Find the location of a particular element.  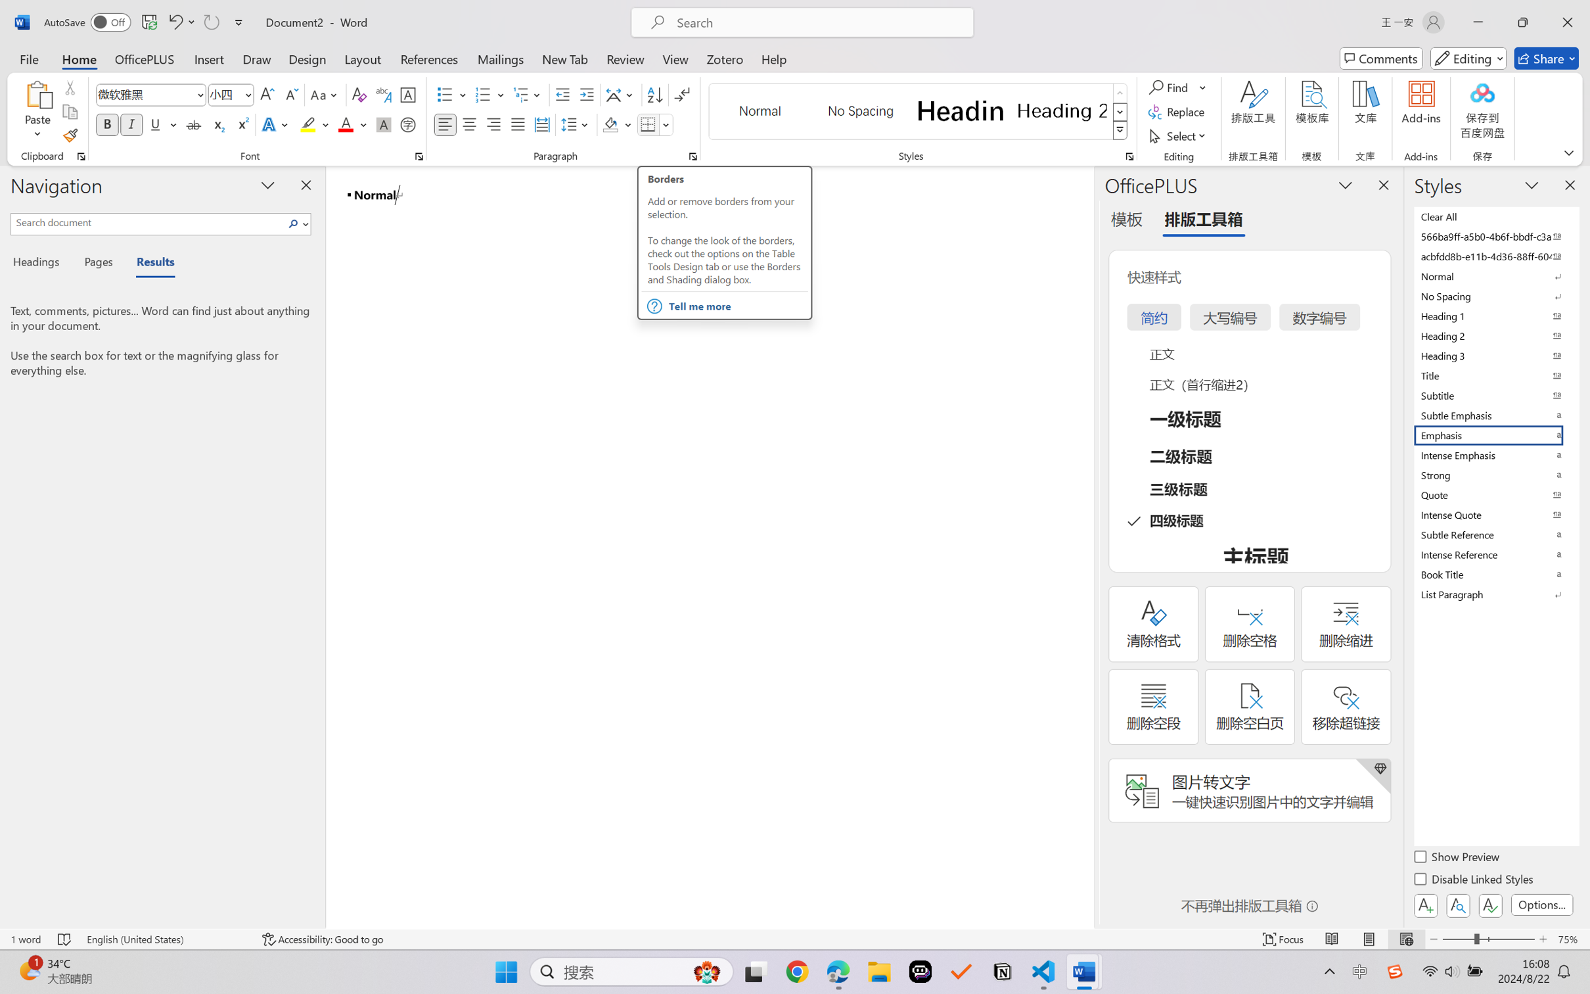

'Minimize' is located at coordinates (1478, 22).